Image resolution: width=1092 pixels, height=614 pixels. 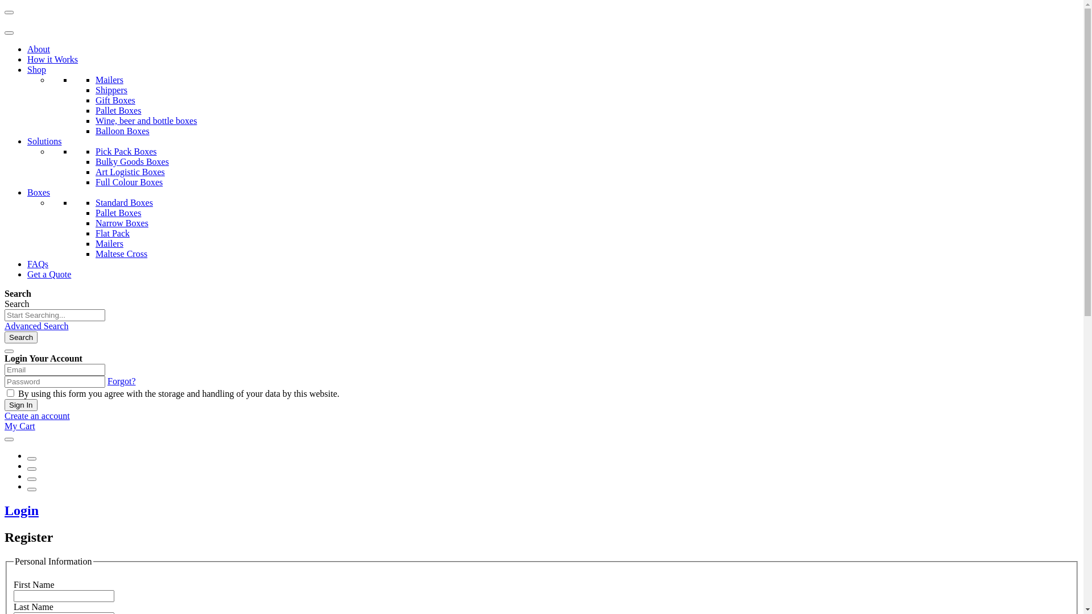 What do you see at coordinates (146, 121) in the screenshot?
I see `'Wine, beer and bottle boxes'` at bounding box center [146, 121].